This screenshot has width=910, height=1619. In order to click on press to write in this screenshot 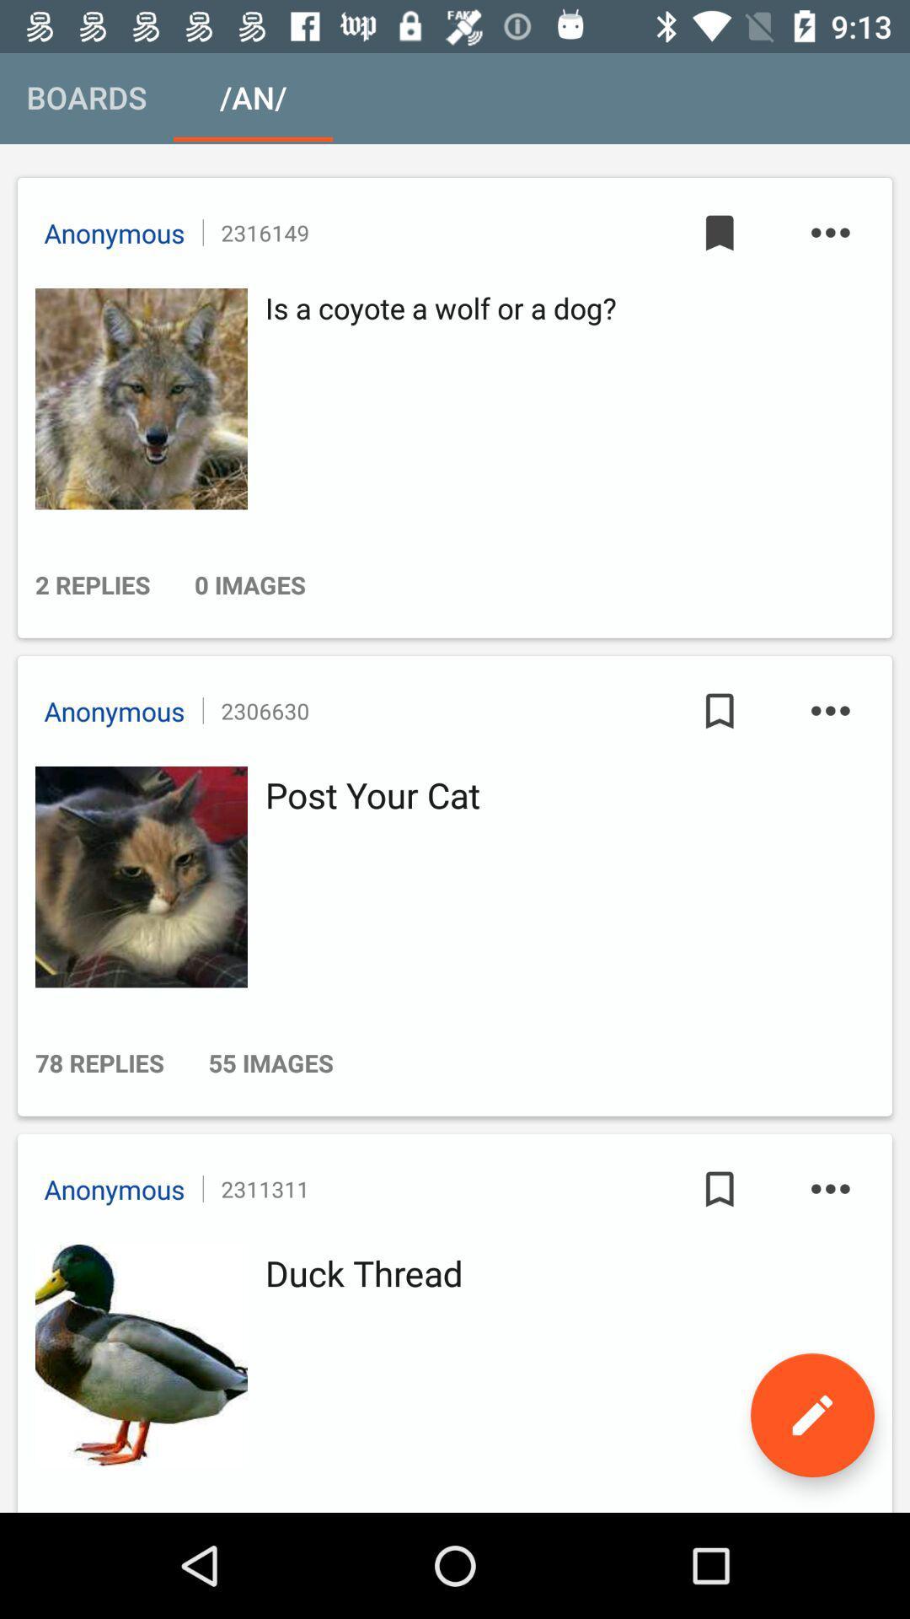, I will do `click(811, 1415)`.